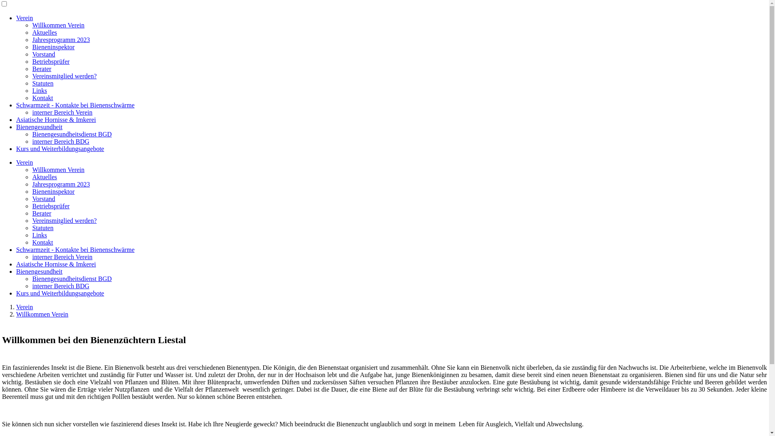  Describe the element at coordinates (61, 40) in the screenshot. I see `'Jahresprogramm 2023'` at that location.